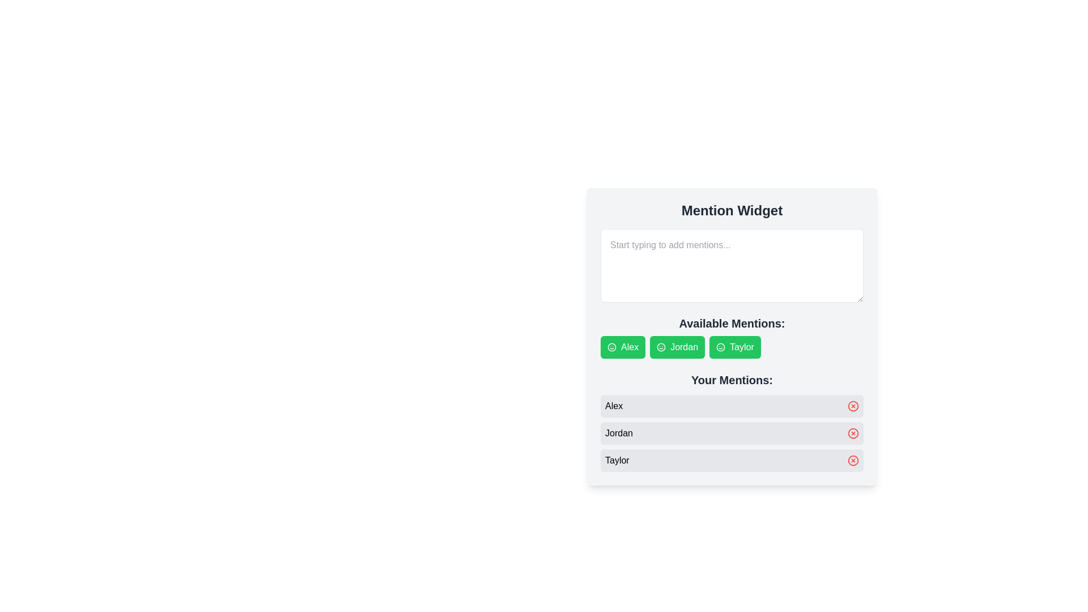 This screenshot has height=612, width=1088. I want to click on the styling of the icon located to the left of the green button labeled 'Alex' in the 'Available Mentions' section of the Mention Widget interface, so click(611, 347).